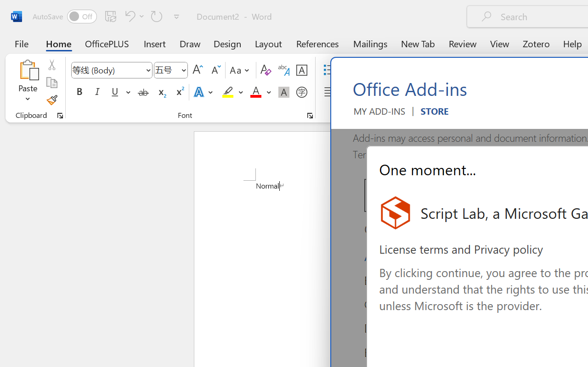 Image resolution: width=588 pixels, height=367 pixels. Describe the element at coordinates (79, 92) in the screenshot. I see `'Bold'` at that location.